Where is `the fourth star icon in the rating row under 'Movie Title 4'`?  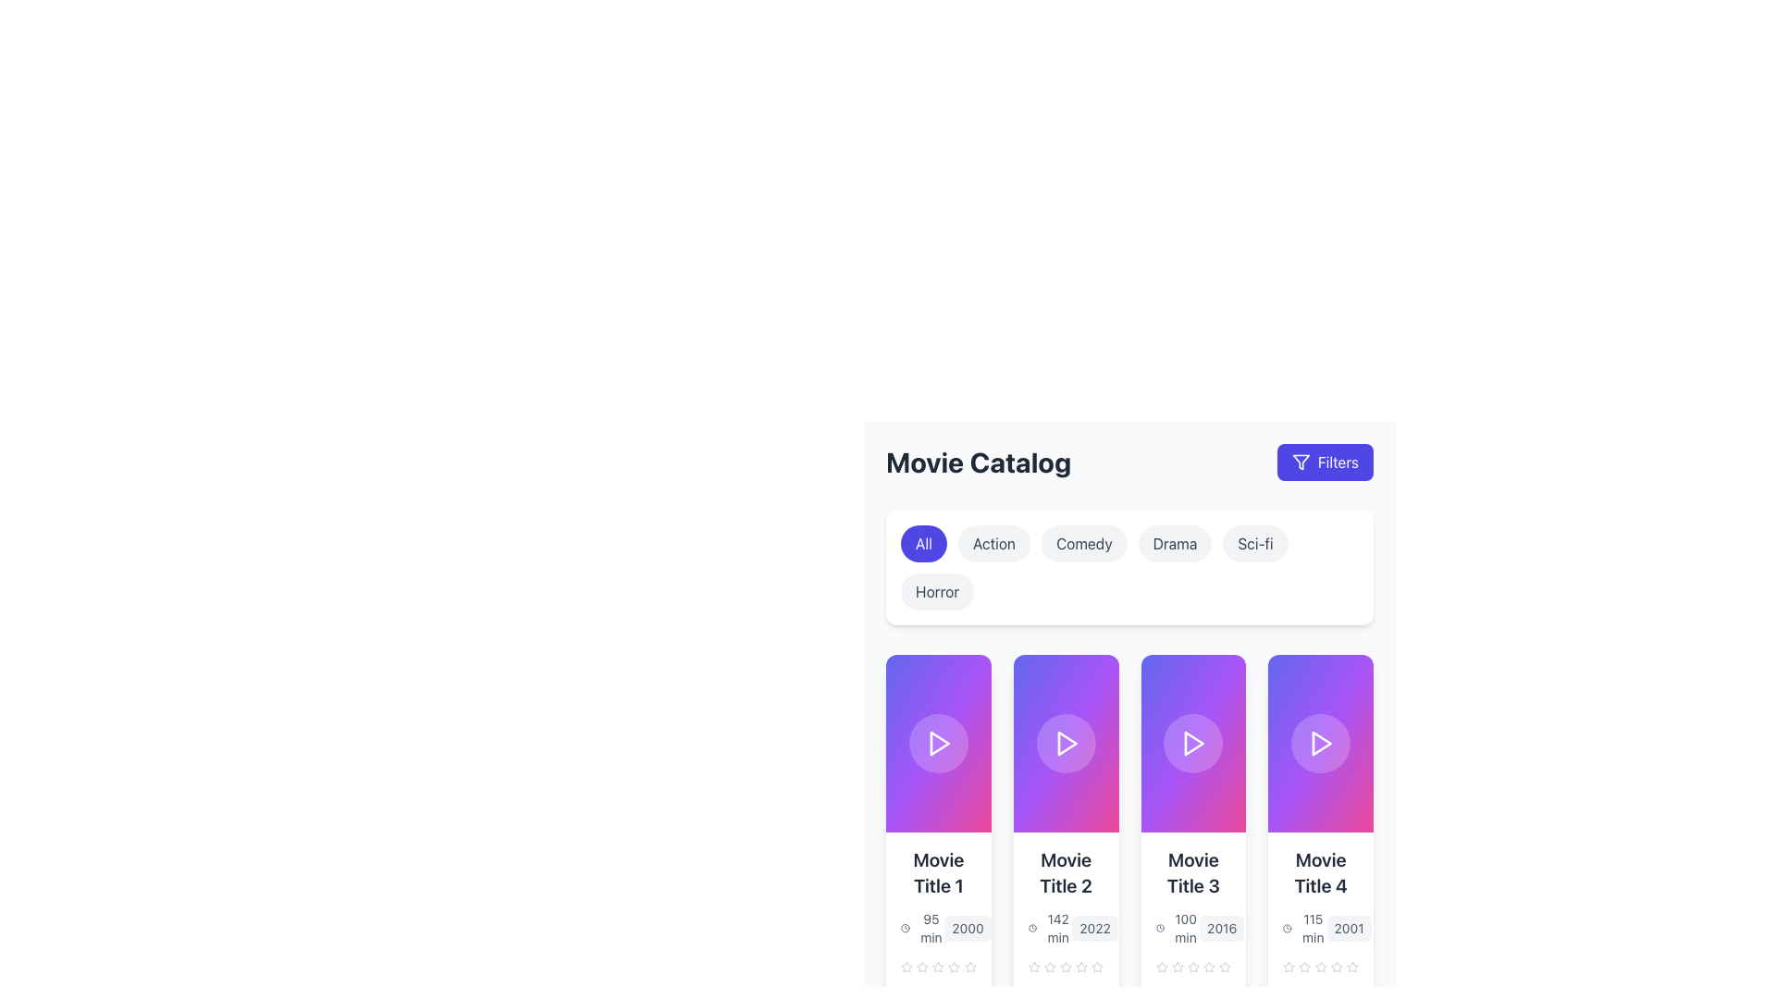
the fourth star icon in the rating row under 'Movie Title 4' is located at coordinates (1320, 966).